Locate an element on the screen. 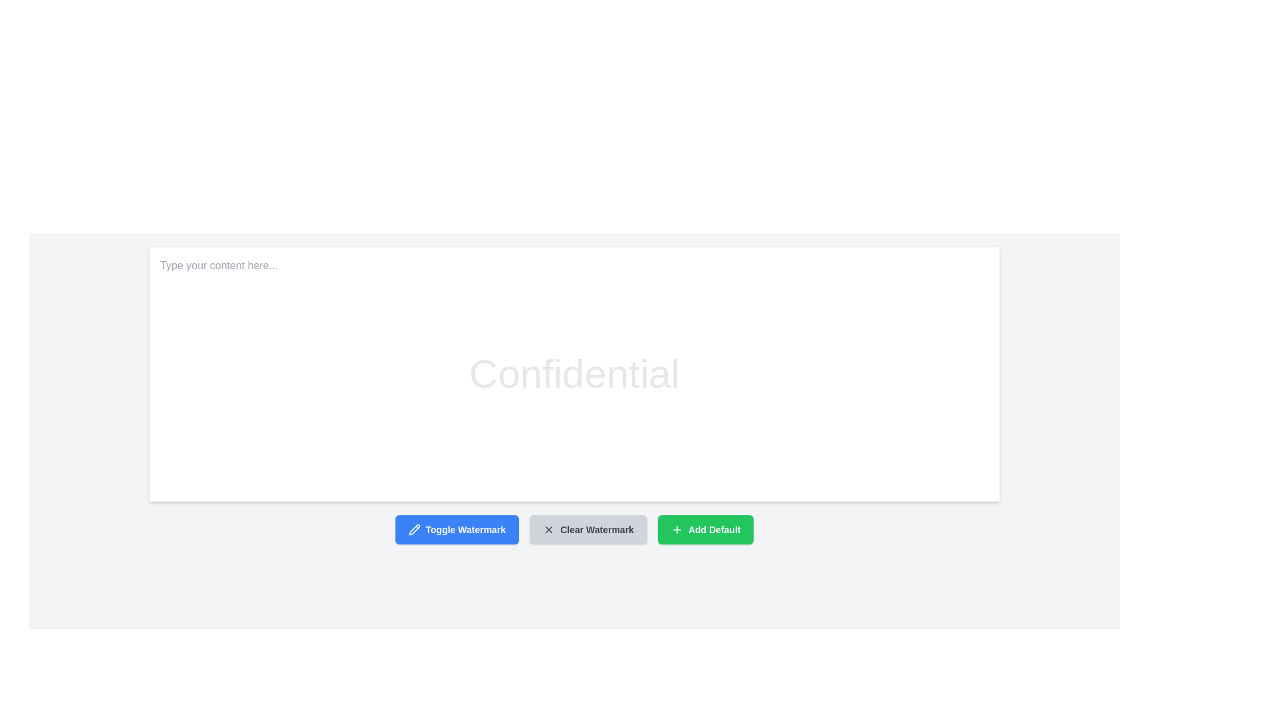  the small '+' icon within the 'Add Default' green button, which is located at the bottom-right section of the interface is located at coordinates (677, 529).